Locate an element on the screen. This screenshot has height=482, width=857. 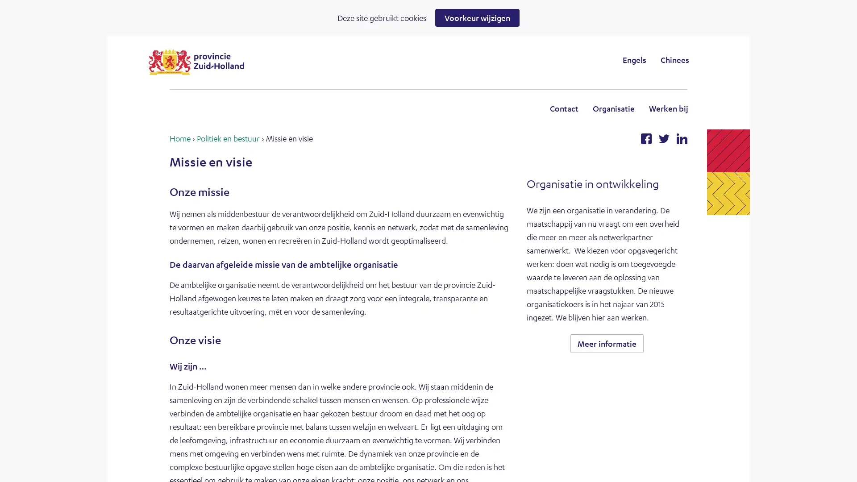
Voorkeur wijzigen is located at coordinates (477, 17).